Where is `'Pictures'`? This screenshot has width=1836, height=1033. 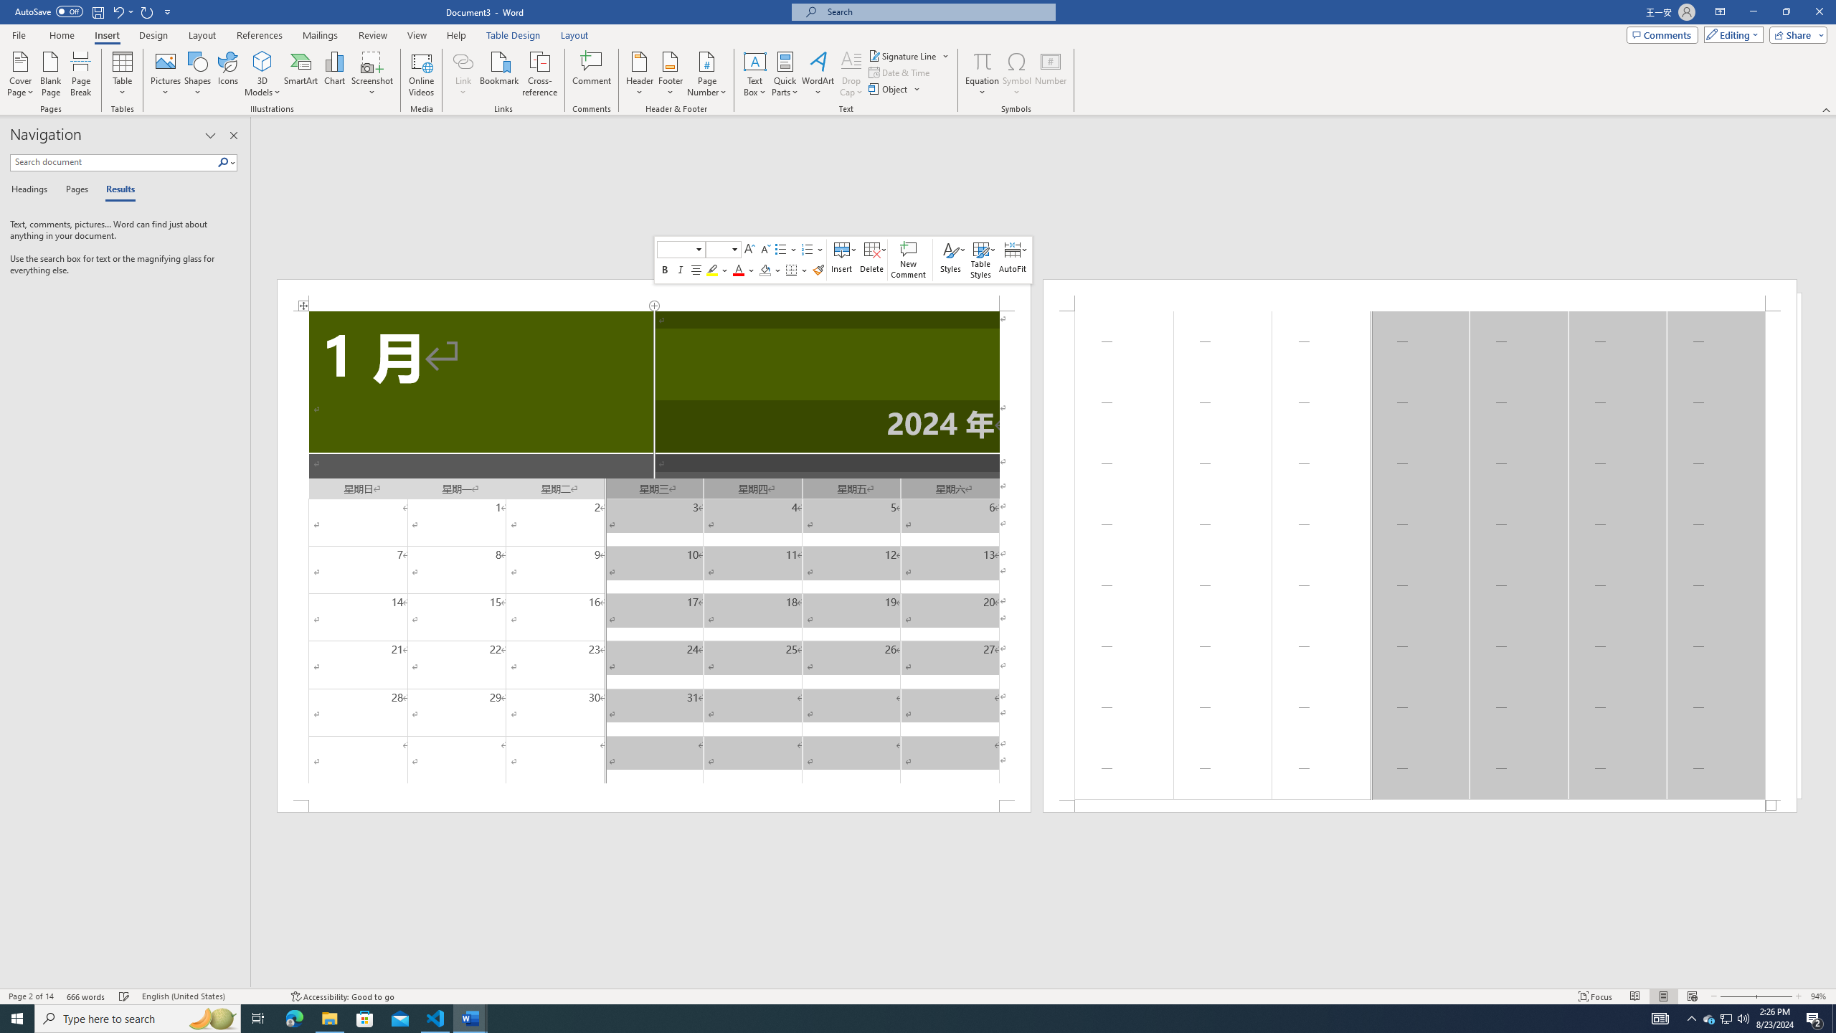
'Pictures' is located at coordinates (166, 74).